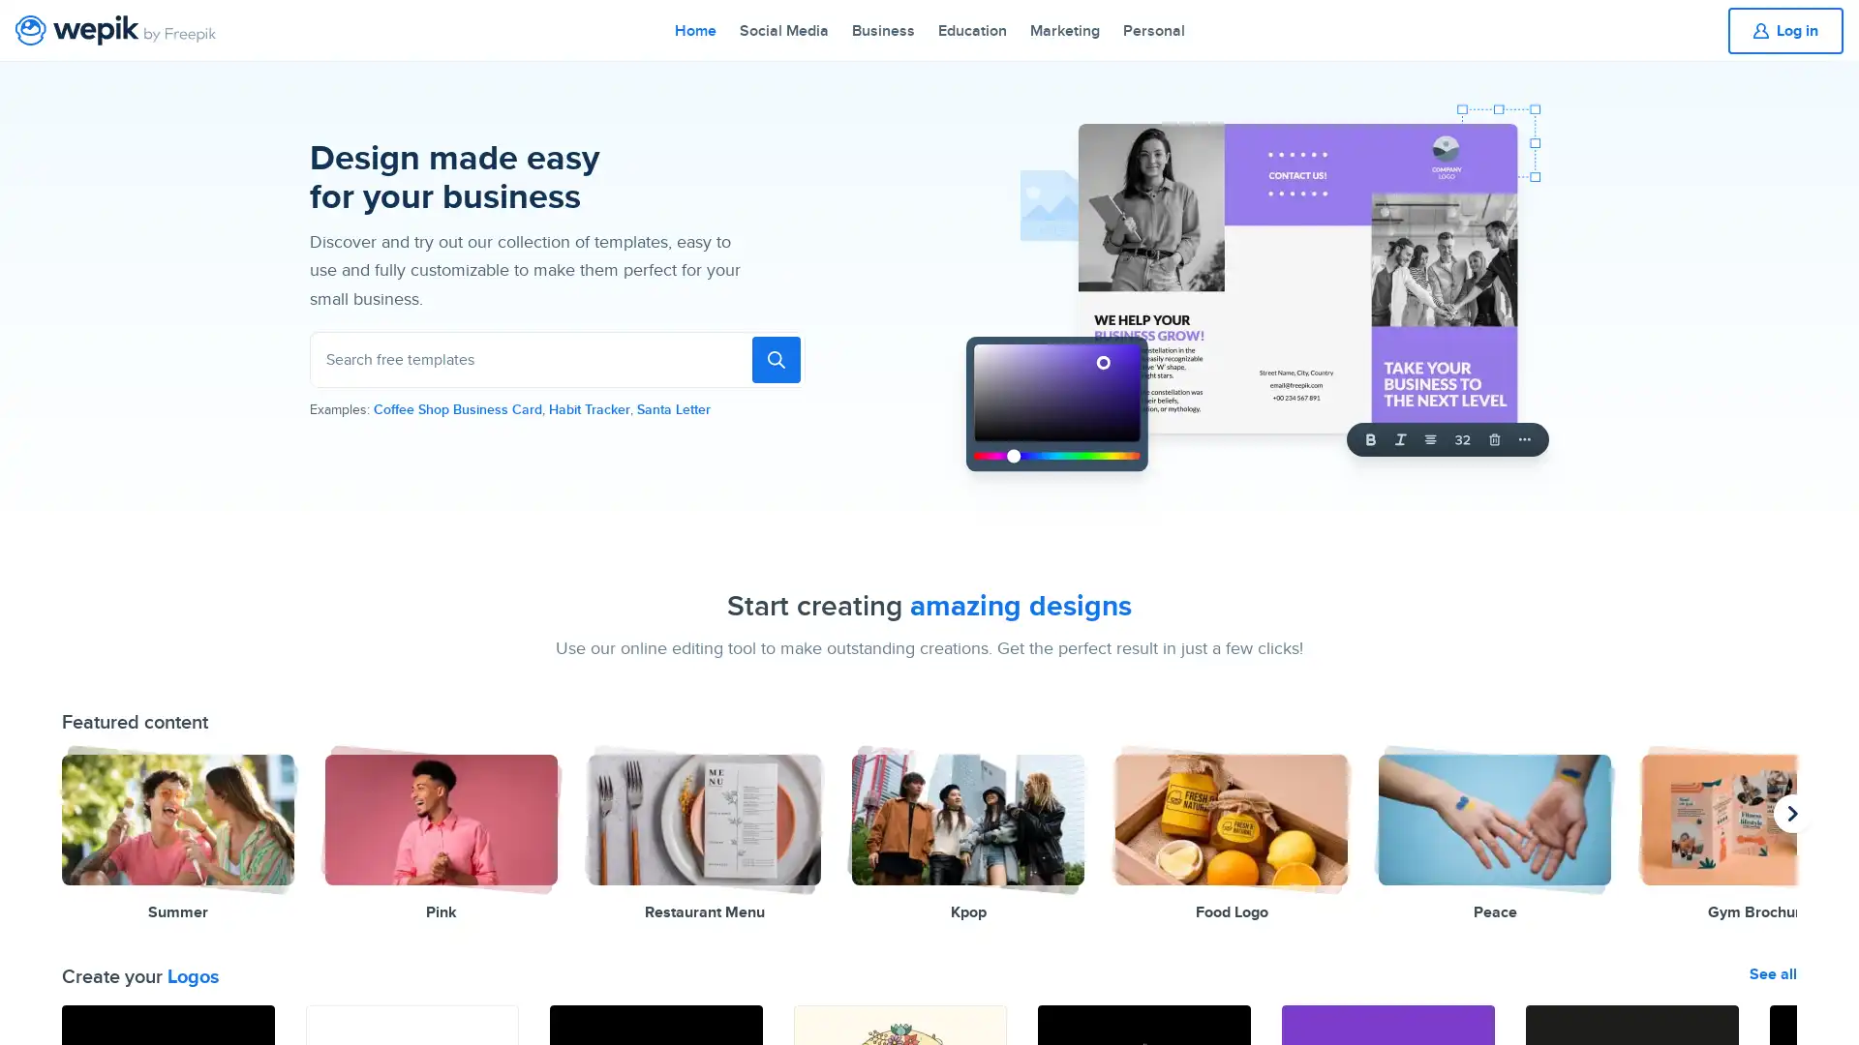 The image size is (1859, 1045). What do you see at coordinates (1792, 827) in the screenshot?
I see `previous presentation` at bounding box center [1792, 827].